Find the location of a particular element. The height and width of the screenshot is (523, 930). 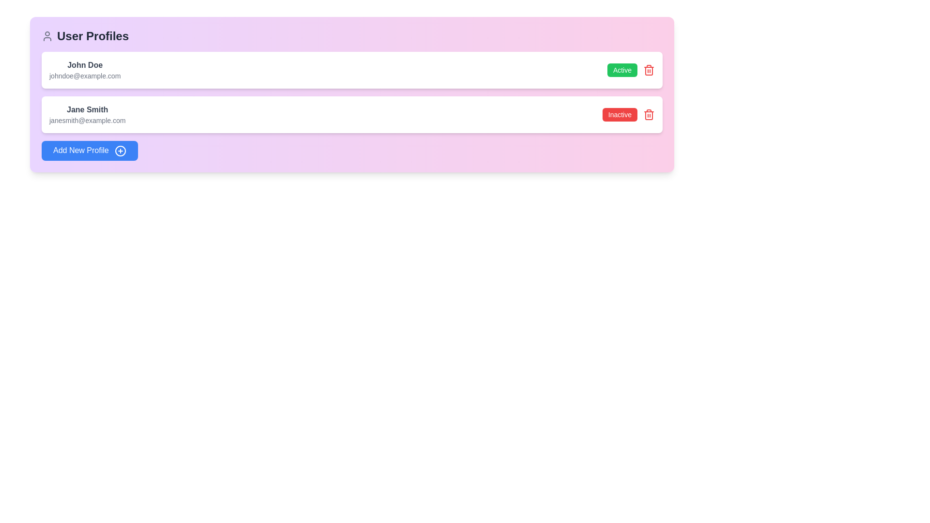

the user profile SVG icon located in the header section to the left of the 'User Profiles' title is located at coordinates (46, 35).